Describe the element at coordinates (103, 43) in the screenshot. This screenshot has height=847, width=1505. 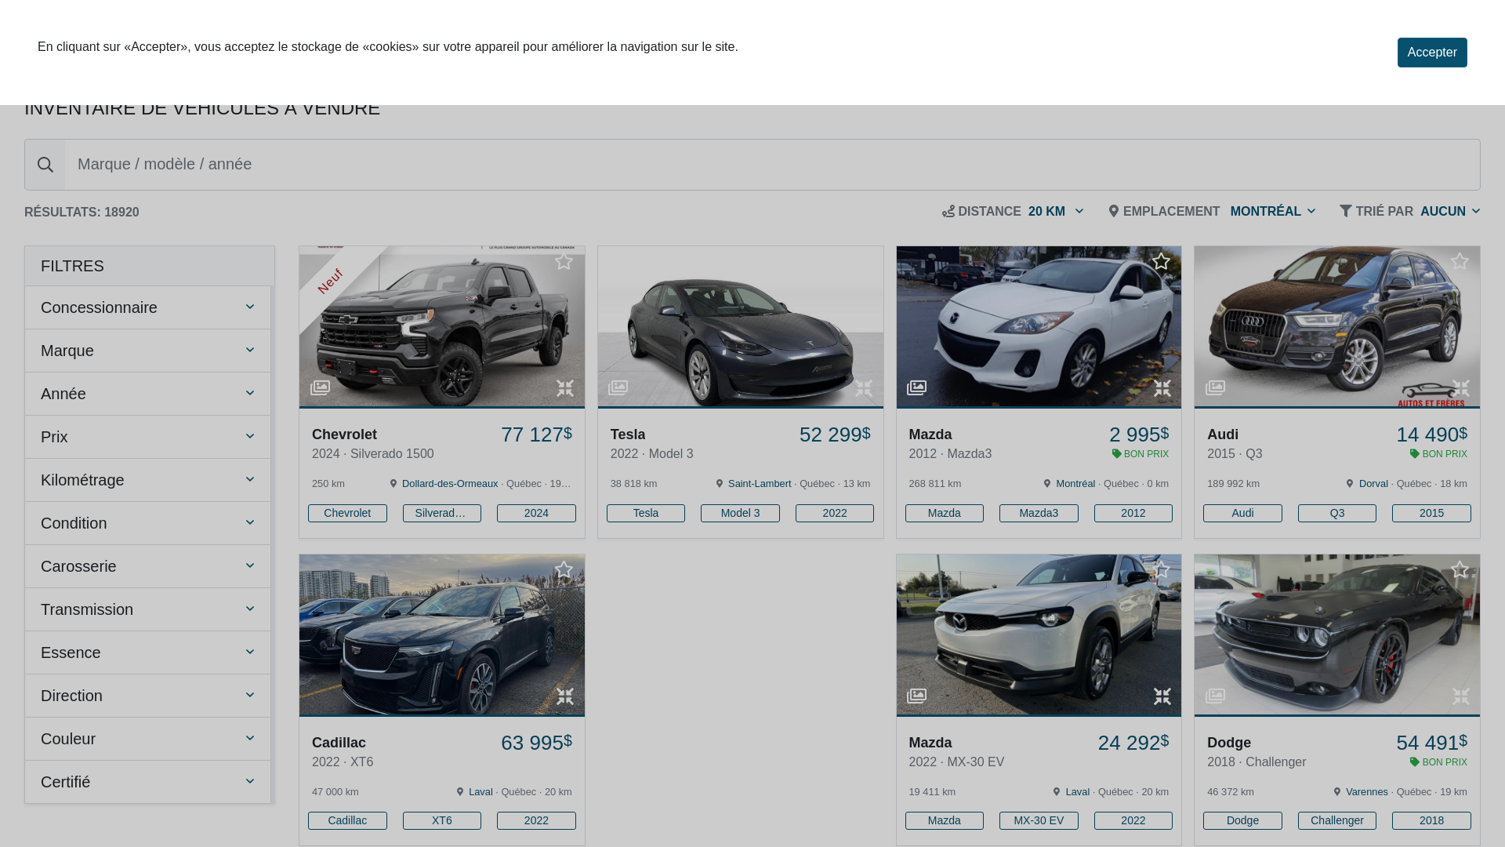
I see `'AutoExpert'` at that location.